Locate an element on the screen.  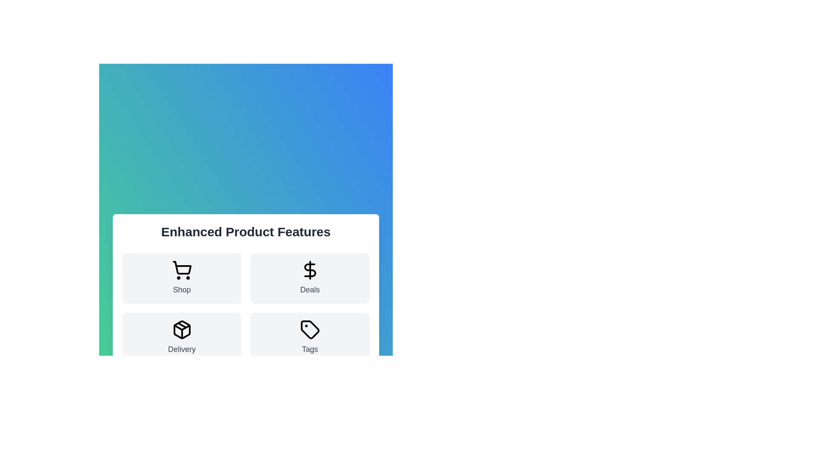
the navigational button located in the top-left cell of the grid layout is located at coordinates (181, 278).